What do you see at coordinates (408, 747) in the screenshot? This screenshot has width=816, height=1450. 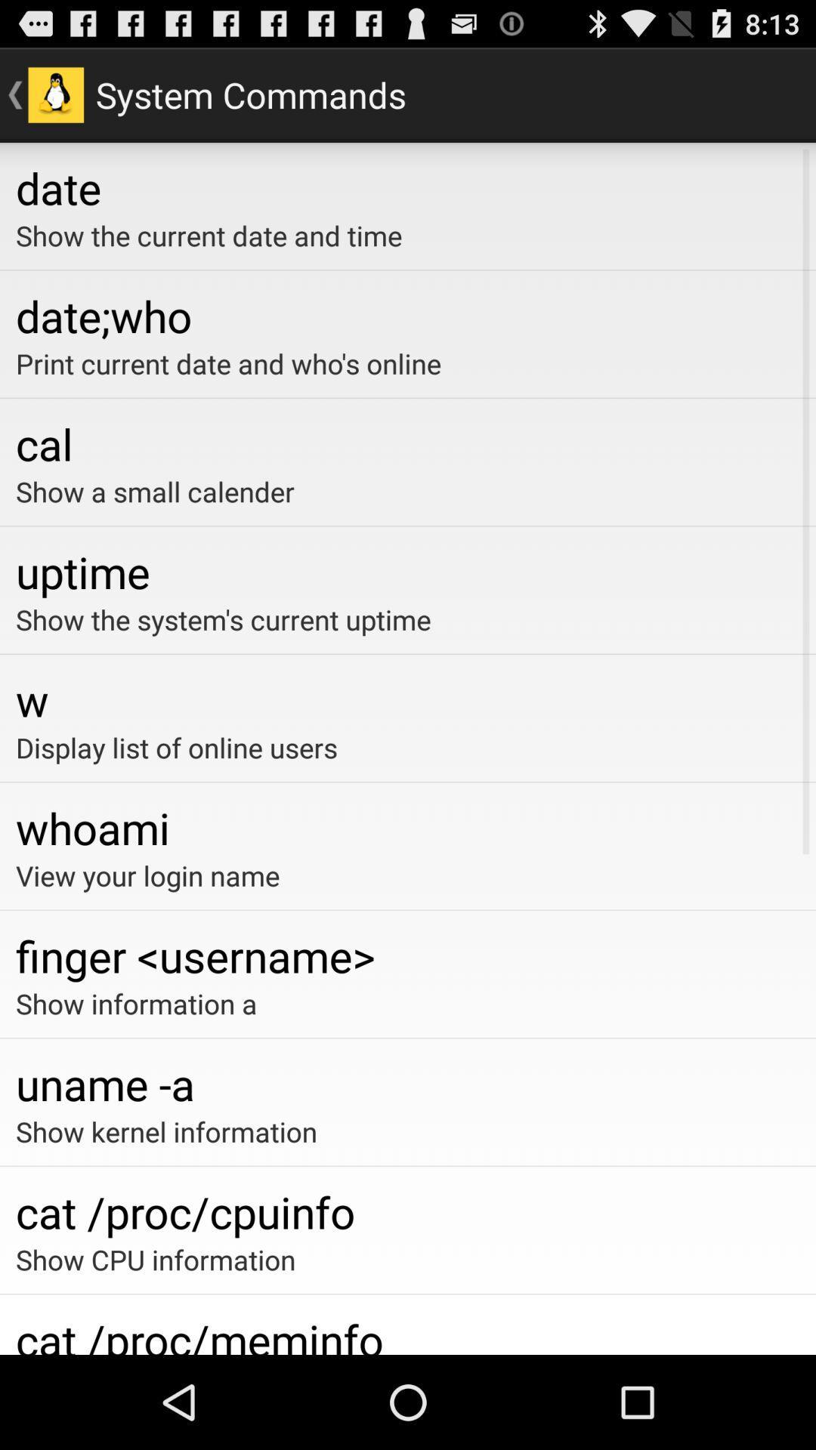 I see `item below the w item` at bounding box center [408, 747].